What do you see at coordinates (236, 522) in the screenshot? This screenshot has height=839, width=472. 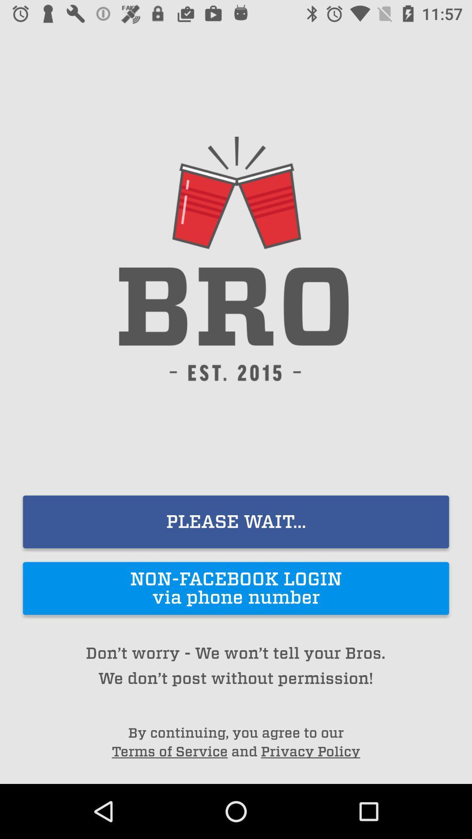 I see `icon at the center` at bounding box center [236, 522].